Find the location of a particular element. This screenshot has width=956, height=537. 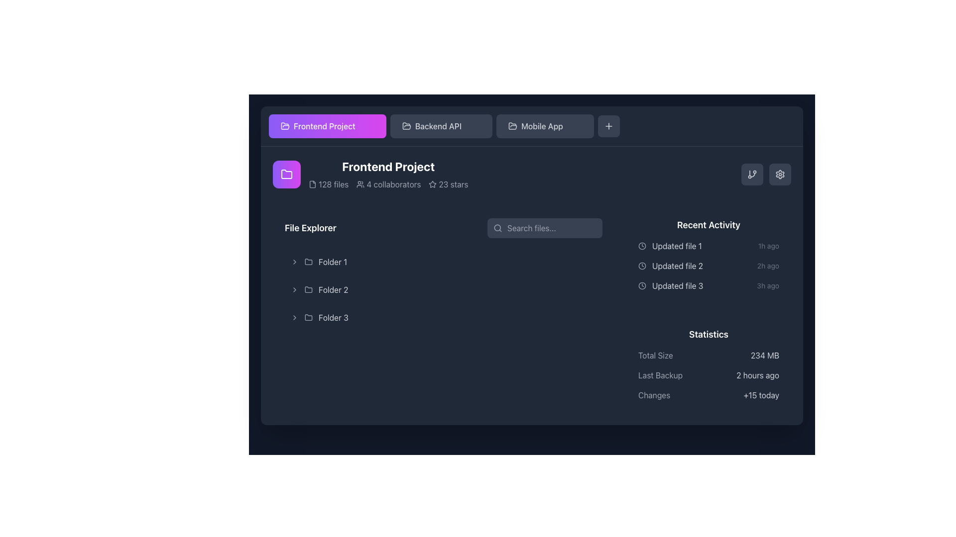

the 'Mobile App' text label located in the third tab of the tab navigation header is located at coordinates (542, 126).